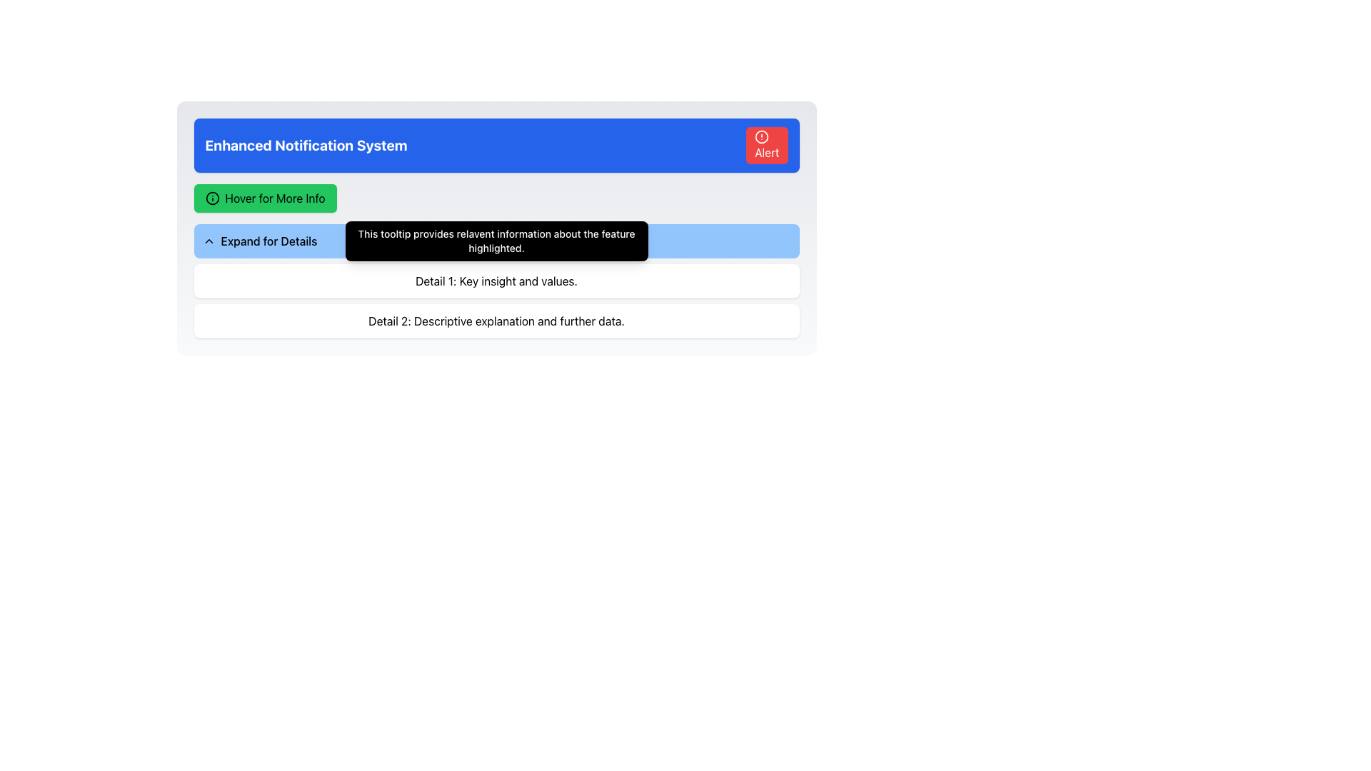 This screenshot has height=771, width=1371. Describe the element at coordinates (760, 137) in the screenshot. I see `the circular warning icon with a red border and white interior, located within the 'Alert' button at the top-right corner of the interface` at that location.